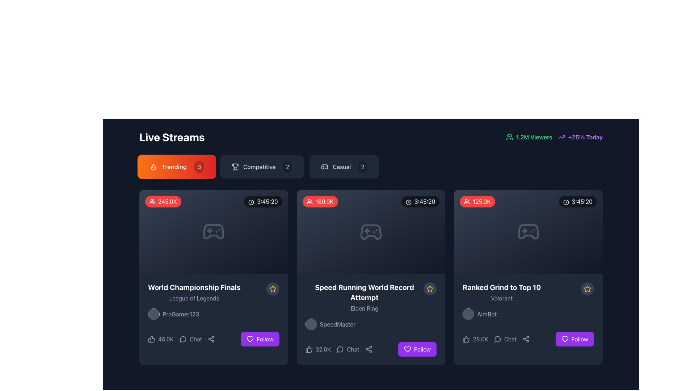 This screenshot has height=391, width=695. Describe the element at coordinates (509, 137) in the screenshot. I see `the user group silhouettes icon styled in green, located to the left of the '1.2M Viewers' text in the upper-right corner of the interface` at that location.